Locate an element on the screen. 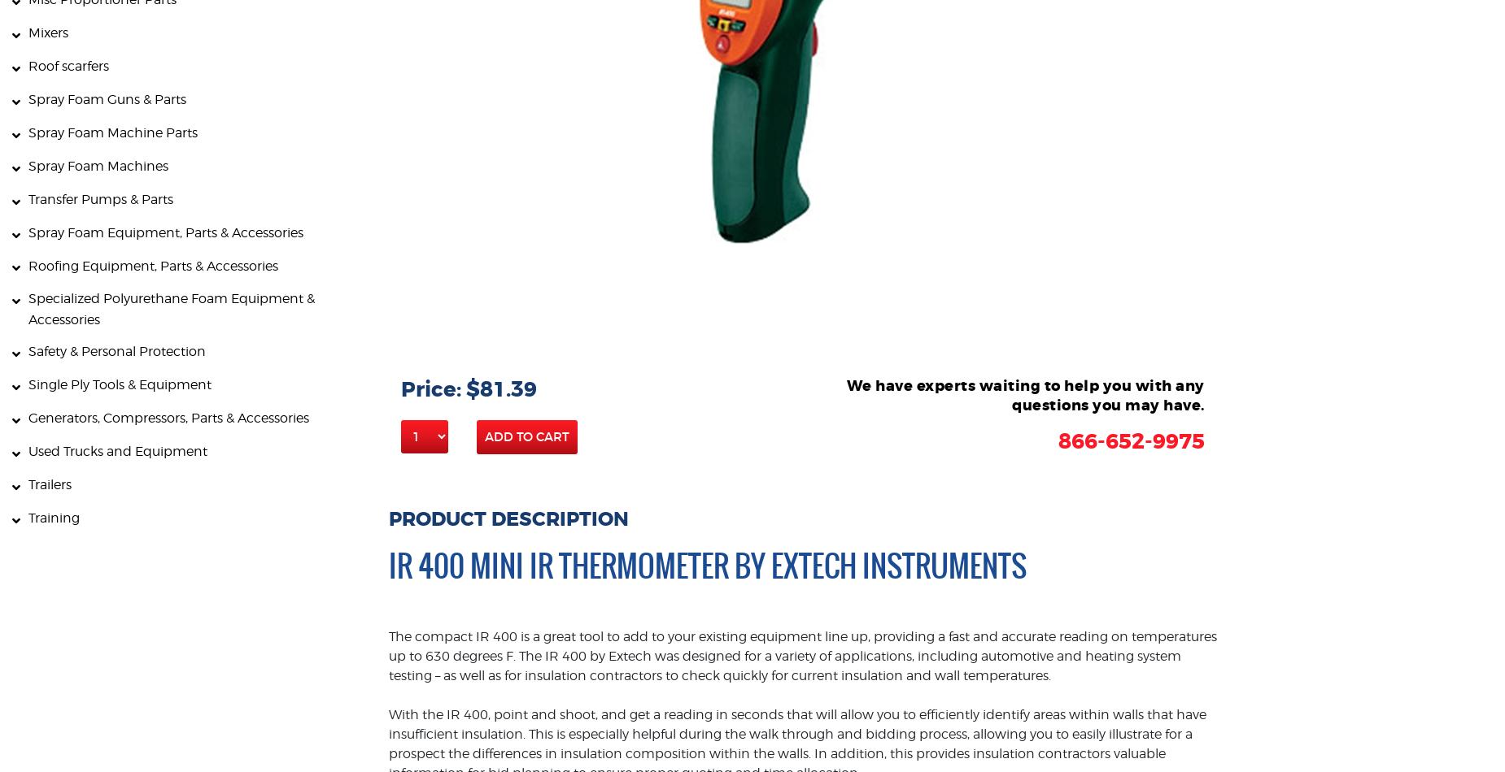 The image size is (1505, 772). 'Add to Cart' is located at coordinates (526, 436).